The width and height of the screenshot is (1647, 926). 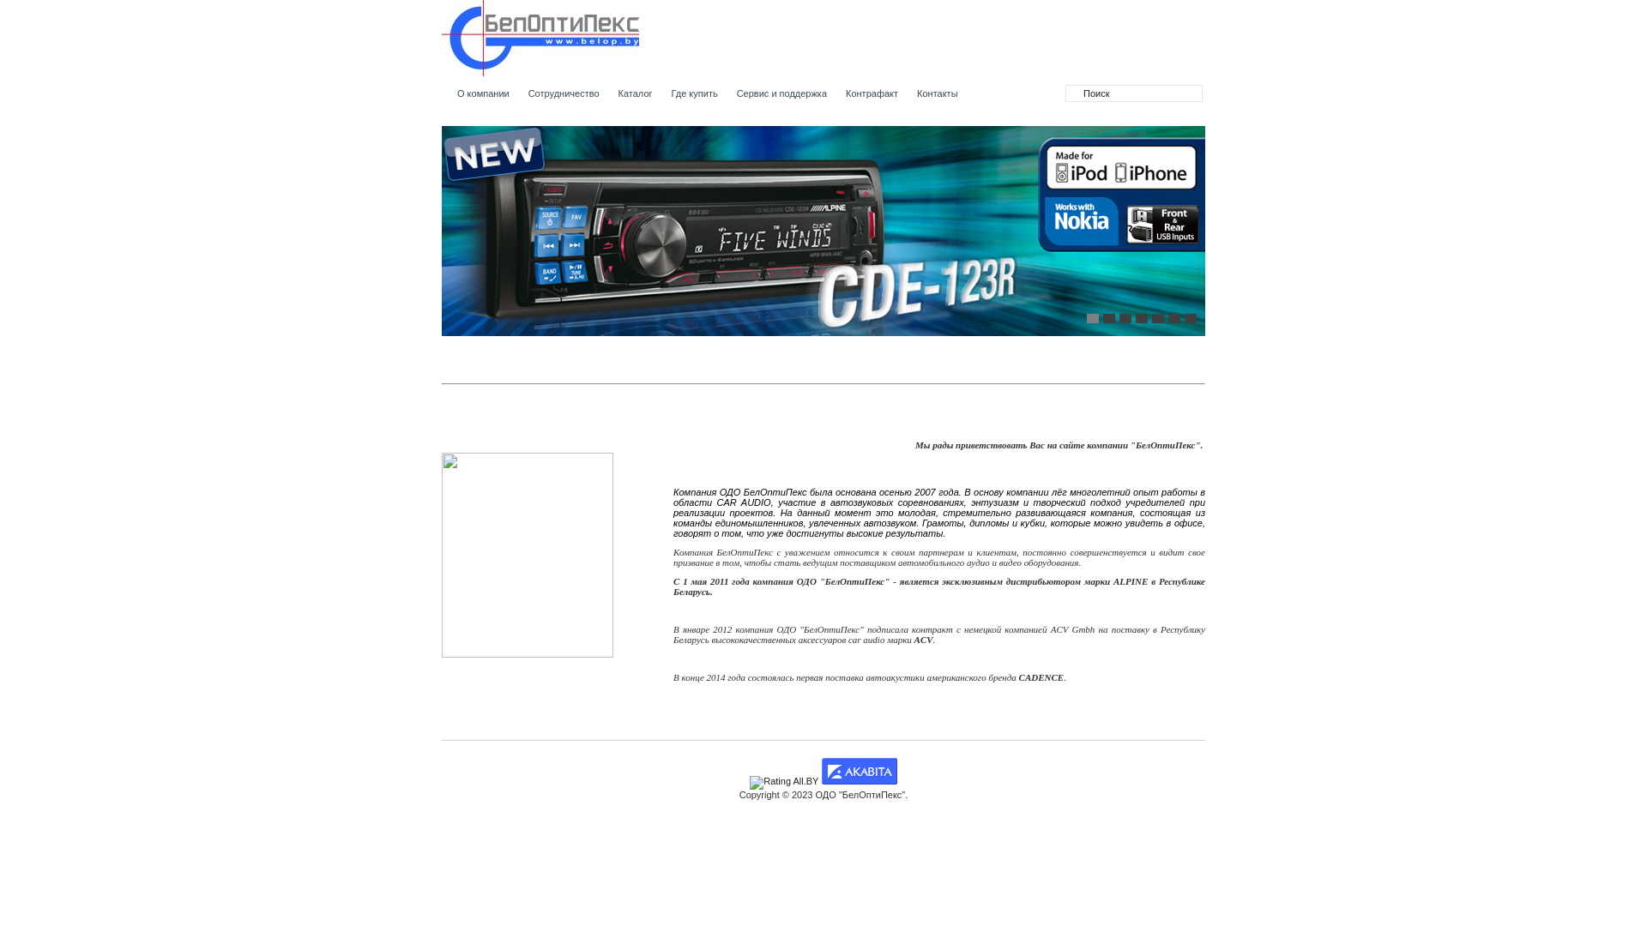 What do you see at coordinates (1141, 318) in the screenshot?
I see `'4'` at bounding box center [1141, 318].